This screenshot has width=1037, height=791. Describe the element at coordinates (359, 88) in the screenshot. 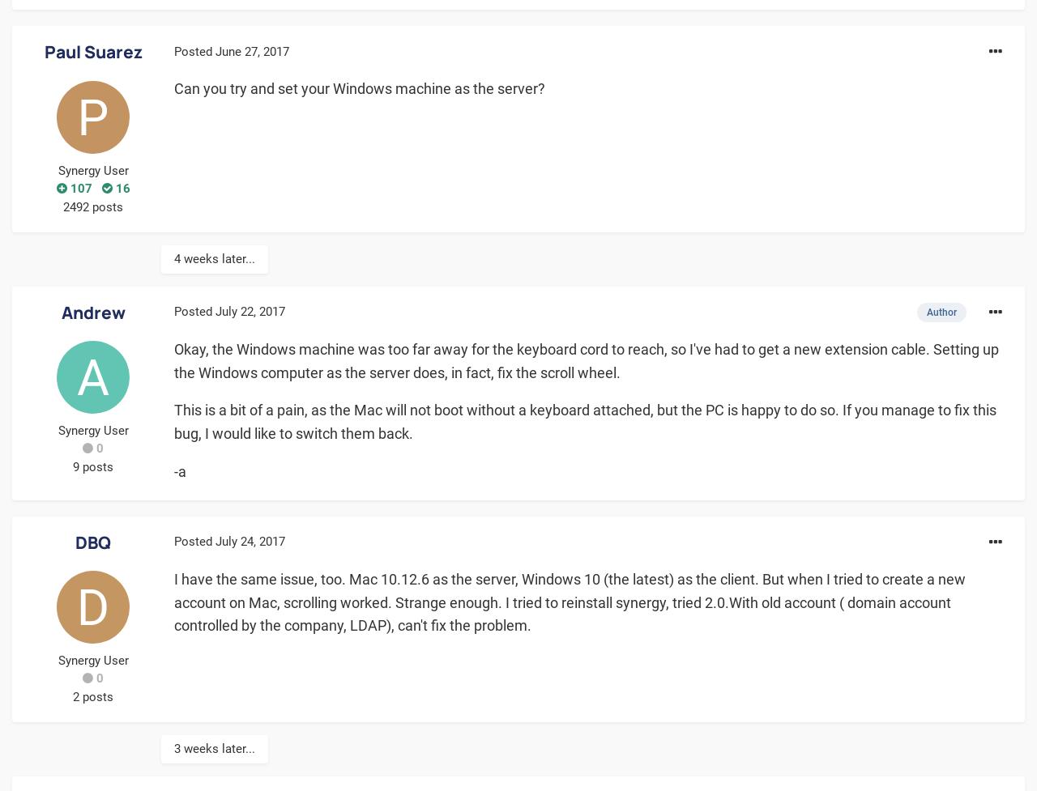

I see `'Can you try and set your Windows machine as the server?'` at that location.